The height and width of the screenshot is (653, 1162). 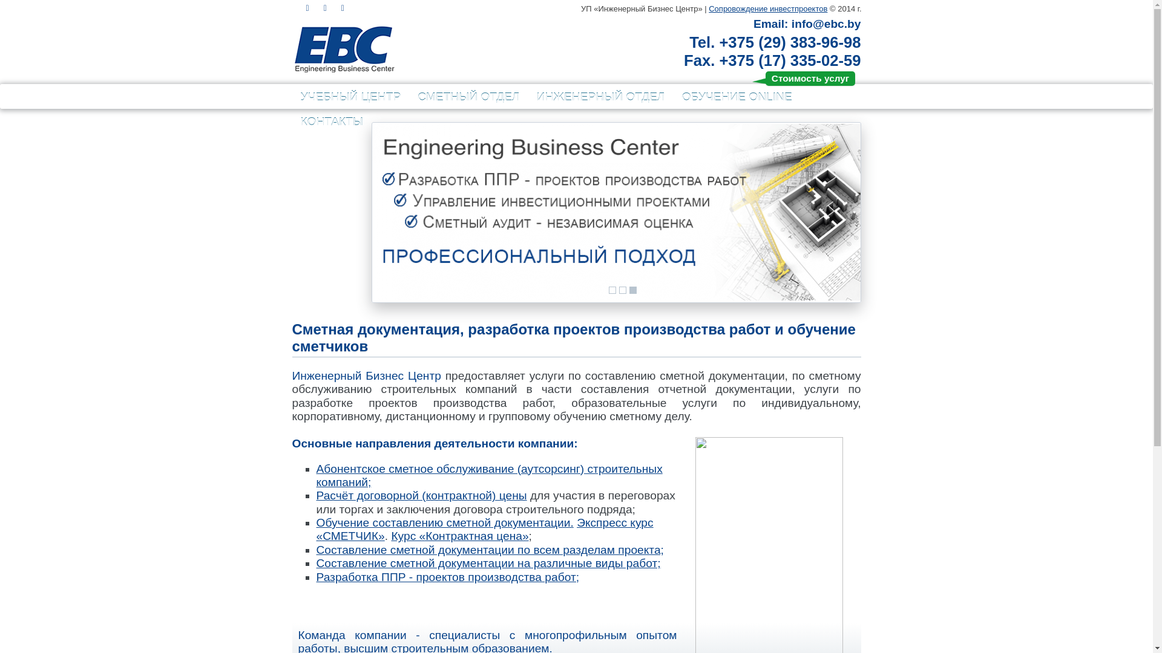 What do you see at coordinates (632, 290) in the screenshot?
I see `'3'` at bounding box center [632, 290].